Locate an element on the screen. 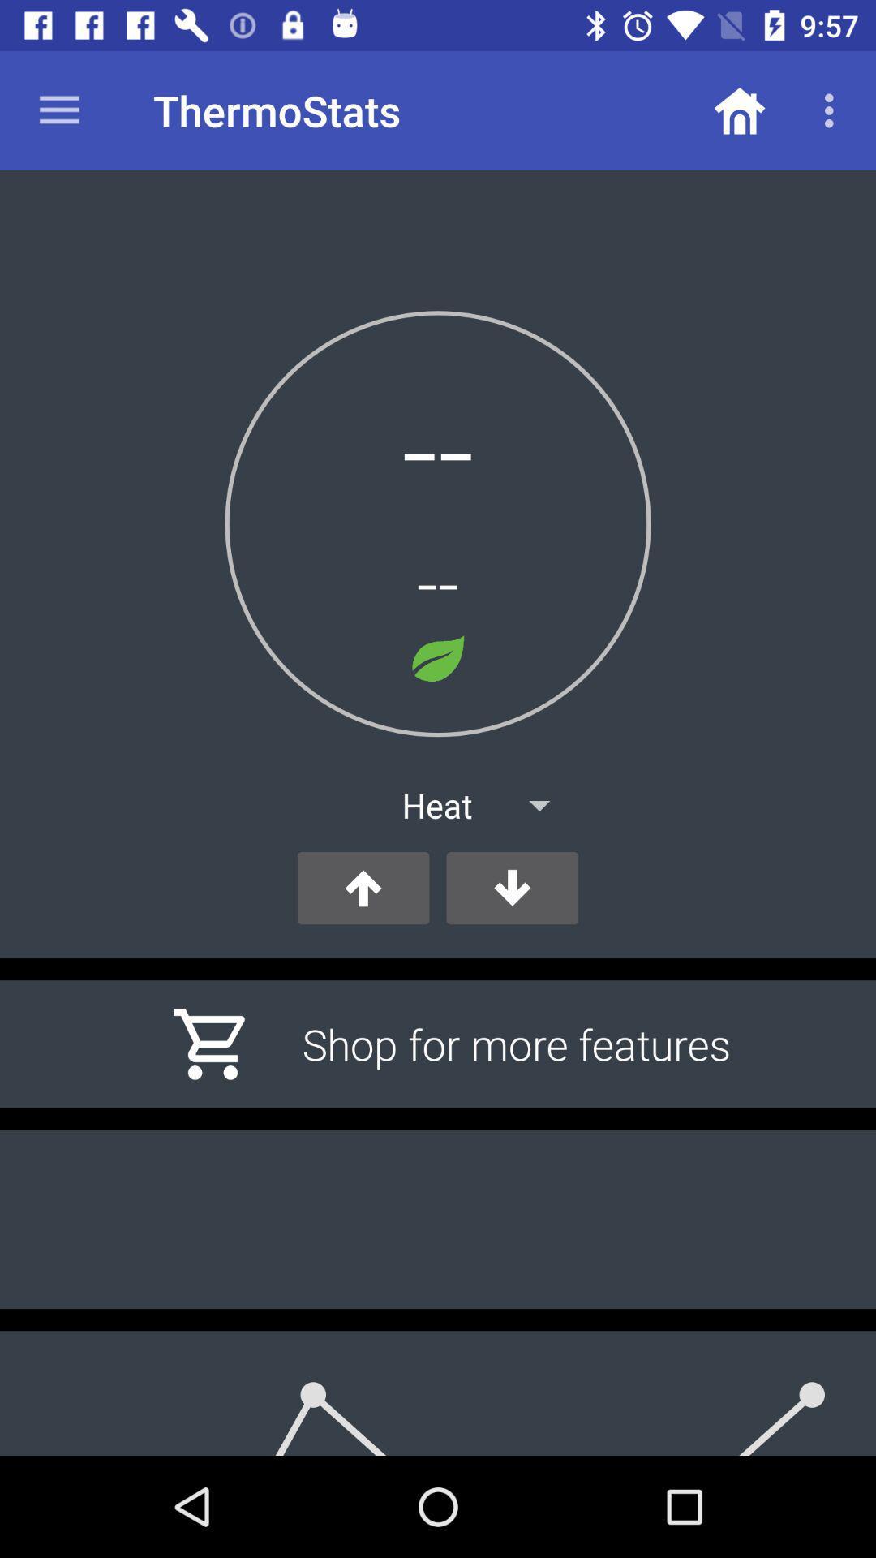 The image size is (876, 1558). the arrow_upward icon is located at coordinates (363, 887).